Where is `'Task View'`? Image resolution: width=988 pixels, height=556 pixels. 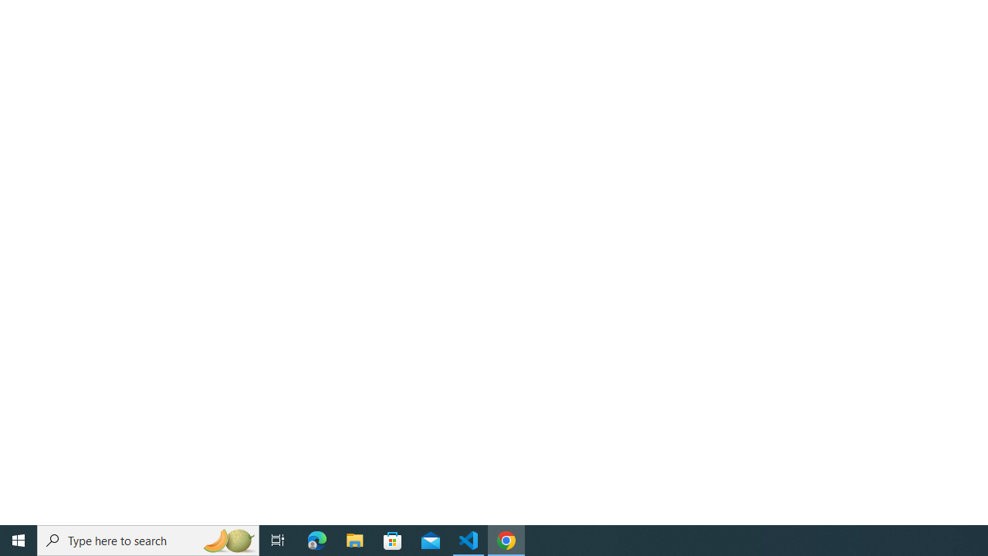 'Task View' is located at coordinates (277, 539).